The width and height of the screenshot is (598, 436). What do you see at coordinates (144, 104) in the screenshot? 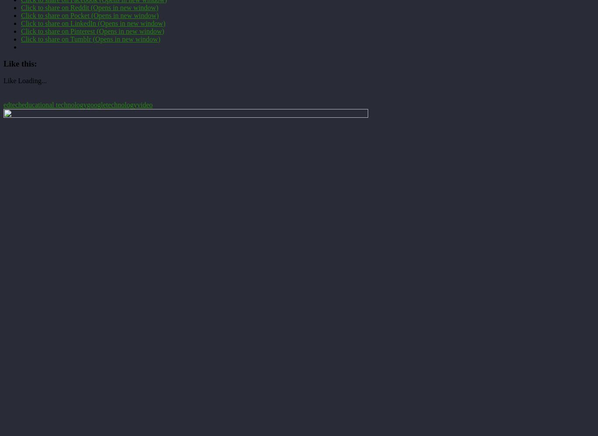
I see `'video'` at bounding box center [144, 104].